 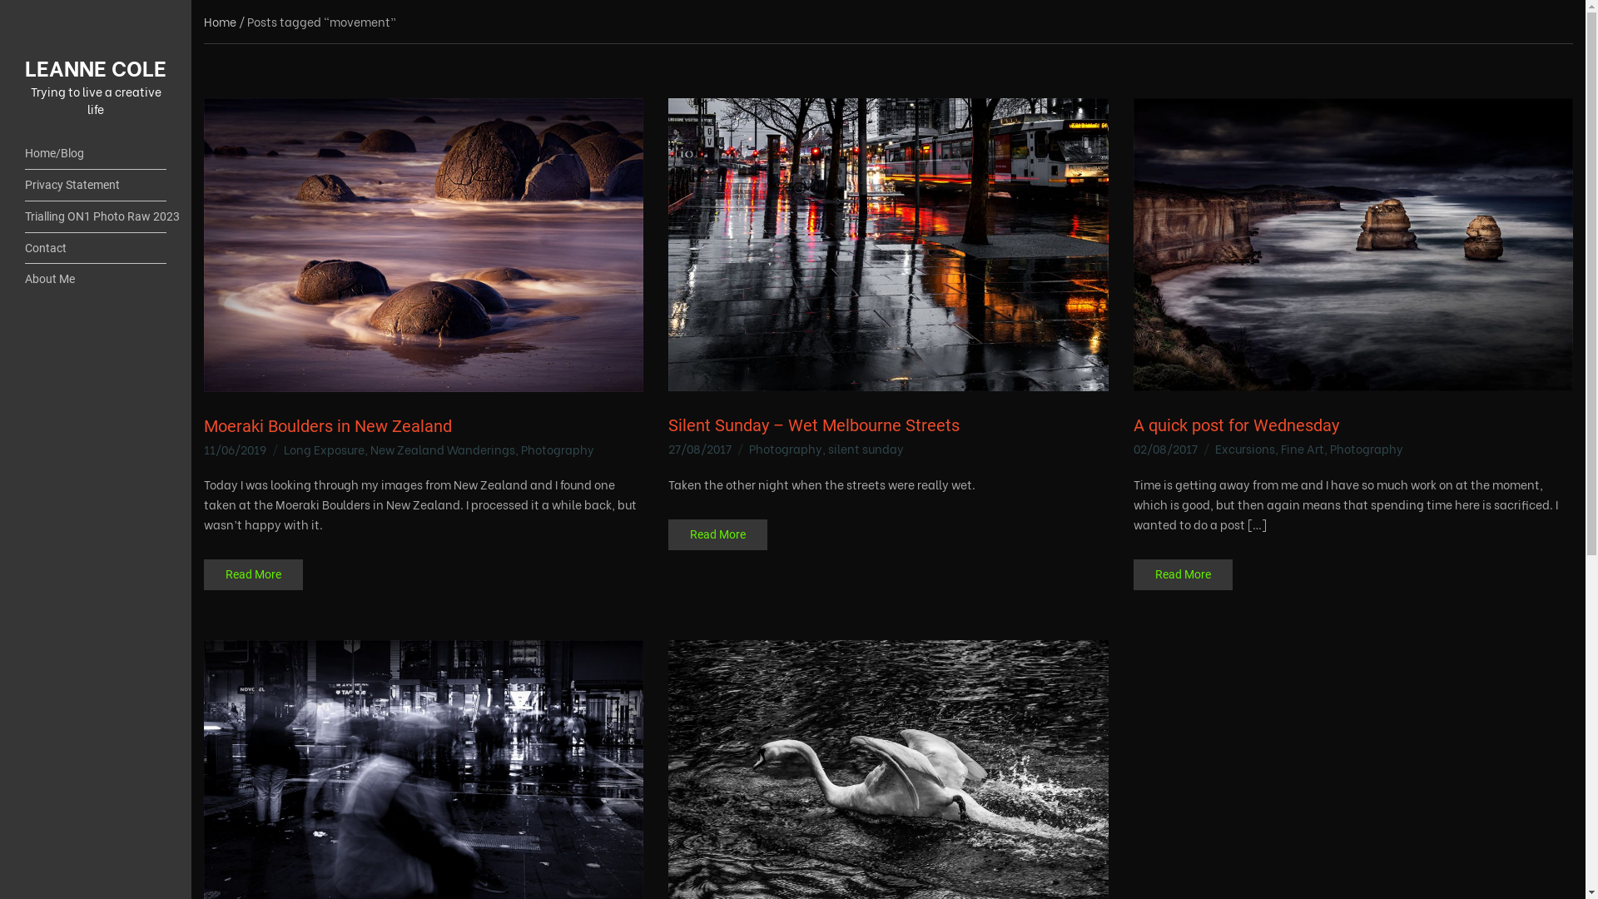 I want to click on 'Trialling ON1 Photo Raw 2023', so click(x=95, y=216).